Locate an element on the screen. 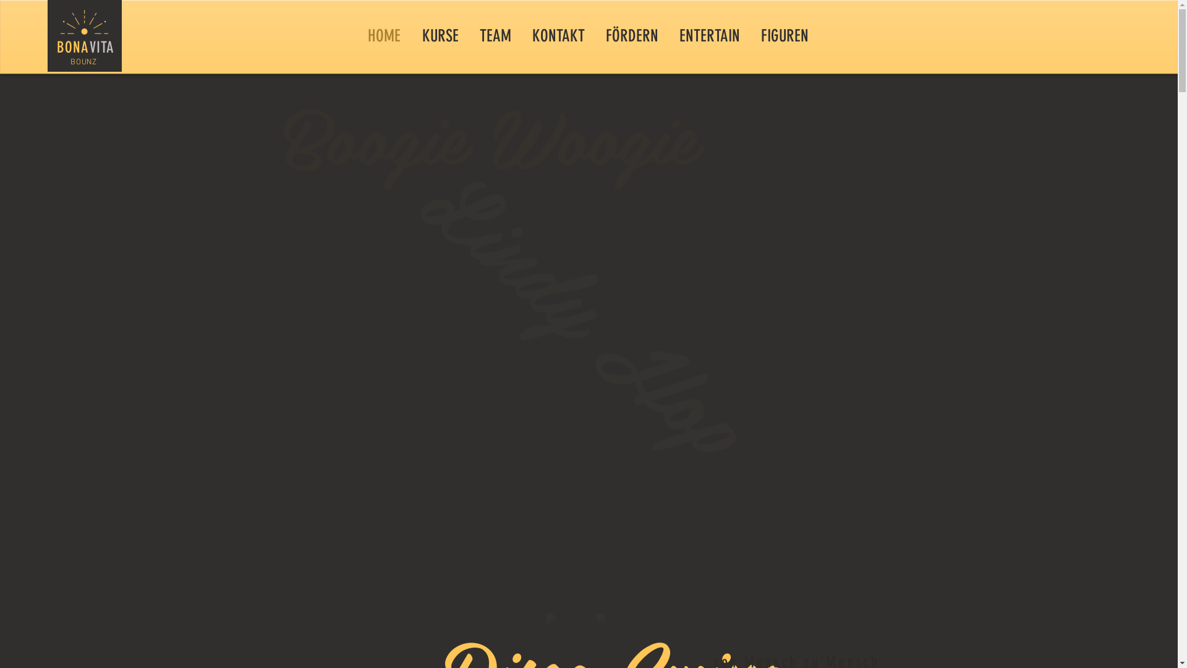  'BONA' is located at coordinates (72, 46).